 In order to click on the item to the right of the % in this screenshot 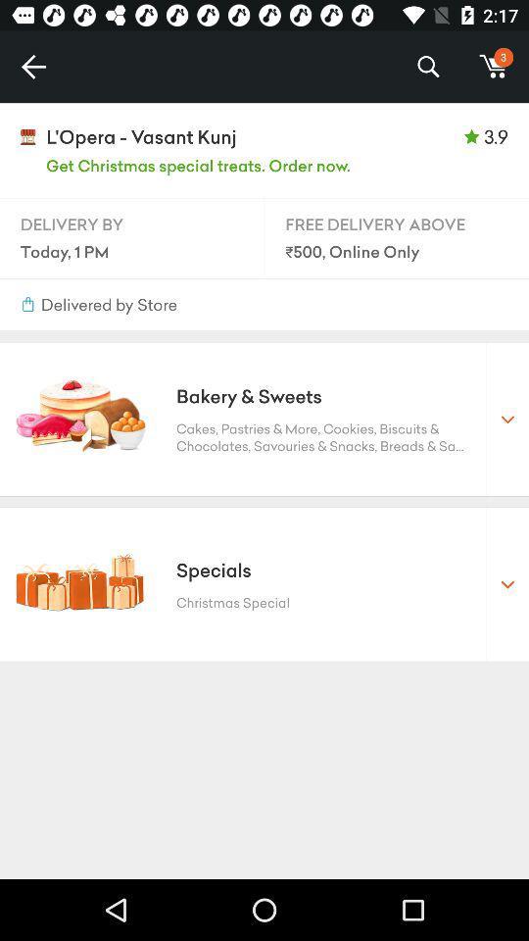, I will do `click(493, 67)`.